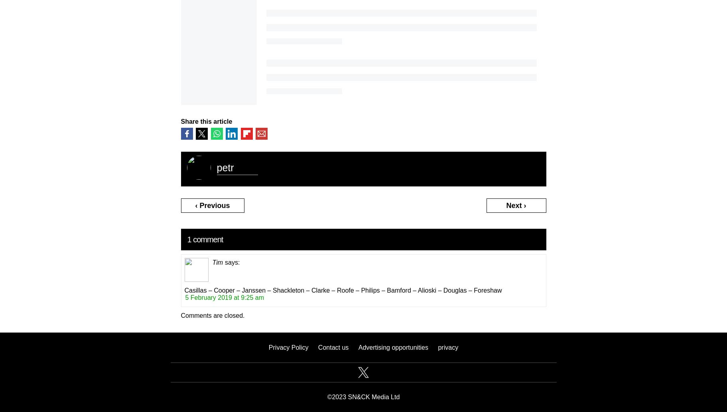 The image size is (727, 412). Describe the element at coordinates (393, 347) in the screenshot. I see `'Advertising opportunities'` at that location.